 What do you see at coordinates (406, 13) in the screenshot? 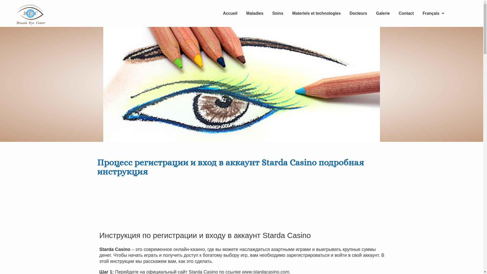
I see `'Contact'` at bounding box center [406, 13].